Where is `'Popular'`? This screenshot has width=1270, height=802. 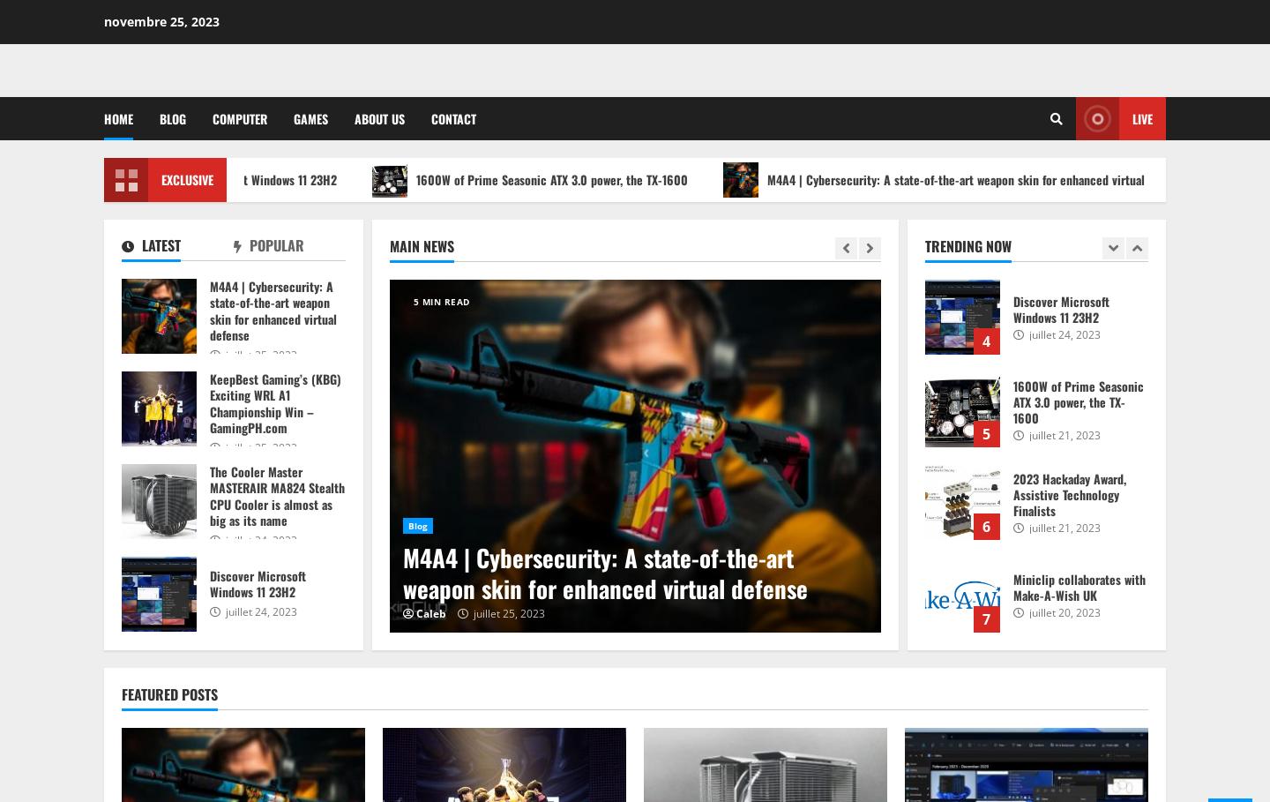 'Popular' is located at coordinates (274, 244).